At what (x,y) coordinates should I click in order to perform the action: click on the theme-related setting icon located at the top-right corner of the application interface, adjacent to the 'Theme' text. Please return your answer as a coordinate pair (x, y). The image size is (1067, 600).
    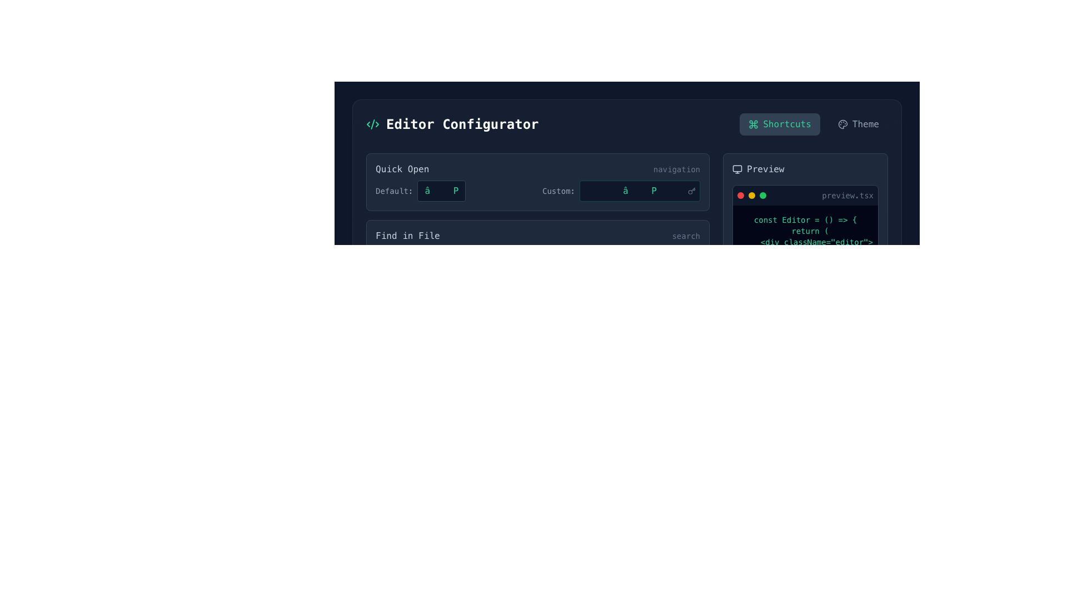
    Looking at the image, I should click on (842, 124).